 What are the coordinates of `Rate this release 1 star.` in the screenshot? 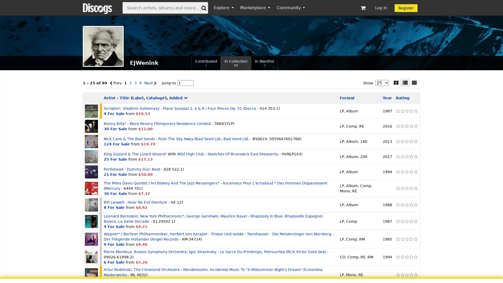 It's located at (398, 188).